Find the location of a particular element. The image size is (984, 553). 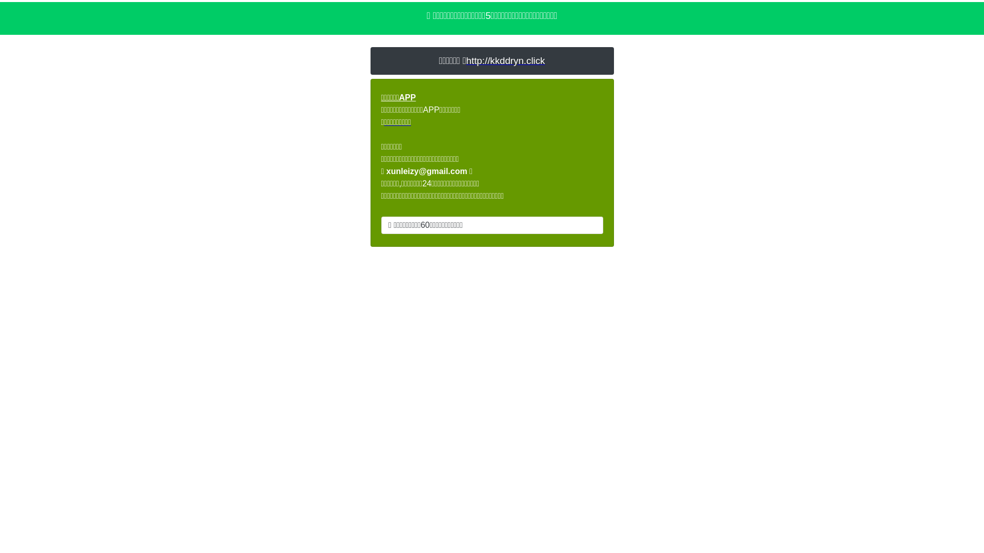

'http://kkddryn.click' is located at coordinates (506, 60).